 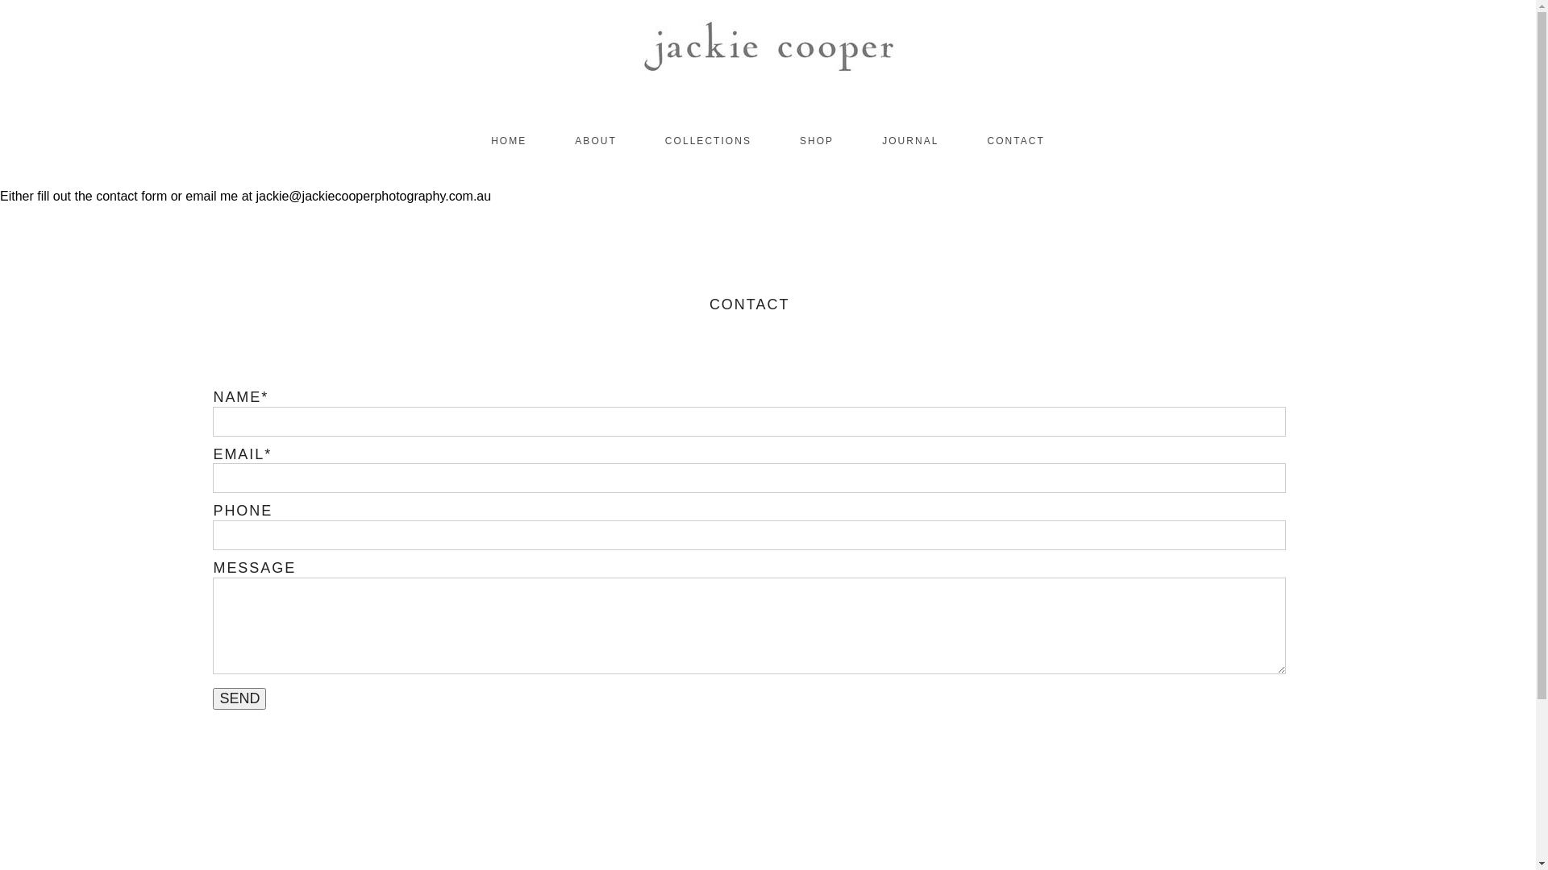 I want to click on 'HOME', so click(x=507, y=139).